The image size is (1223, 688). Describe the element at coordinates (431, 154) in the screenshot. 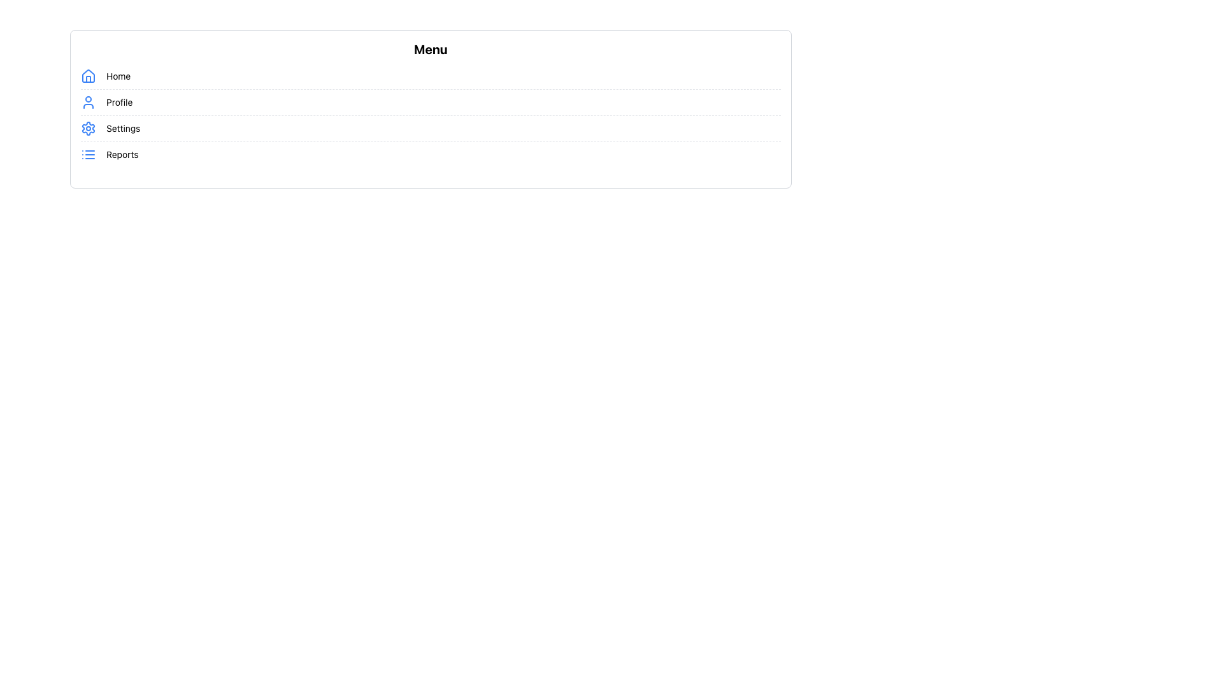

I see `the 'Reports' menu option, which is the fourth entry in the vertical list of menu items` at that location.